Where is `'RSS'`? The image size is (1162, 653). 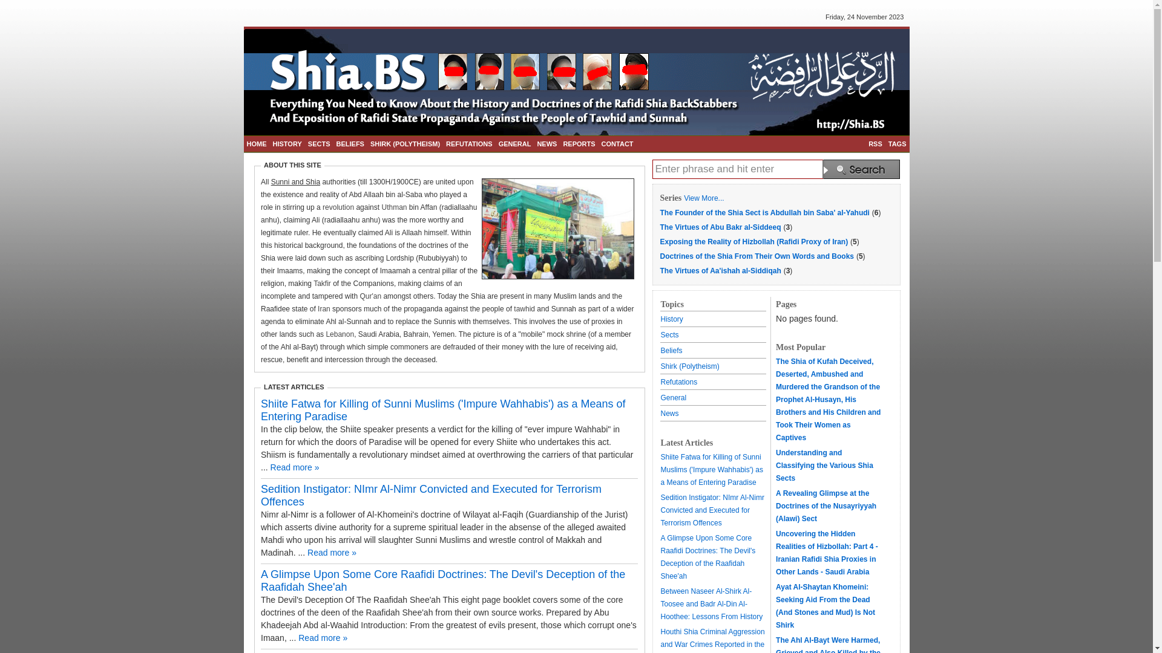
'RSS' is located at coordinates (875, 143).